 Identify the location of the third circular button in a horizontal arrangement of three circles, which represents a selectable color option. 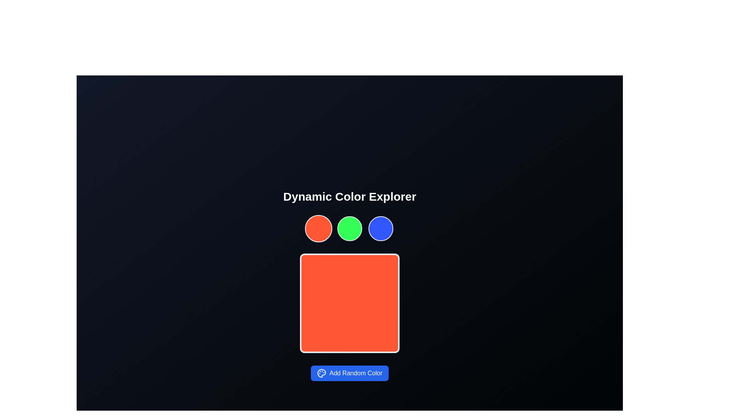
(381, 228).